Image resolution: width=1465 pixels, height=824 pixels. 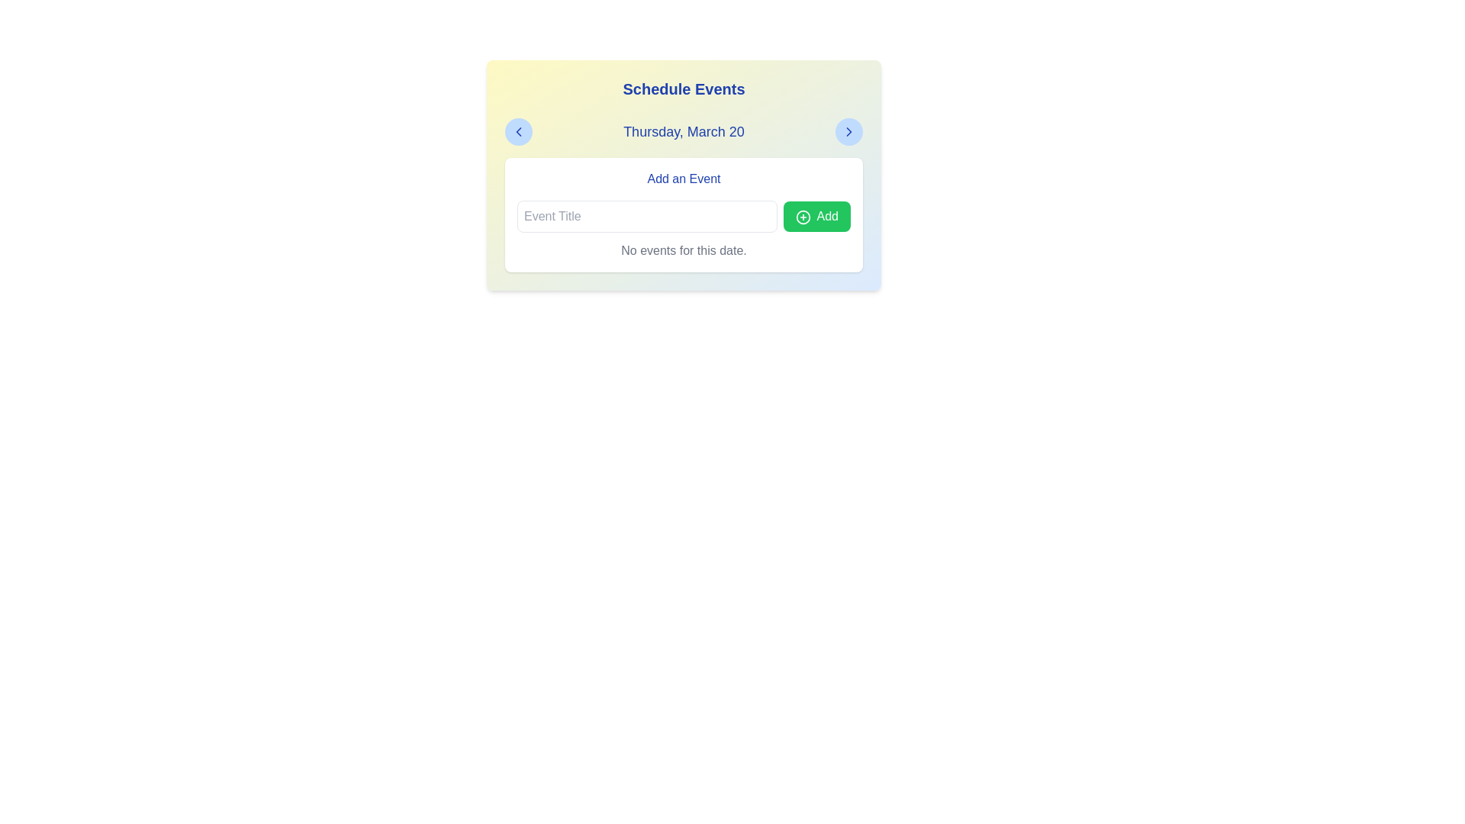 I want to click on the circular button with a blue background and a right-pointing chevron icon, so click(x=848, y=131).